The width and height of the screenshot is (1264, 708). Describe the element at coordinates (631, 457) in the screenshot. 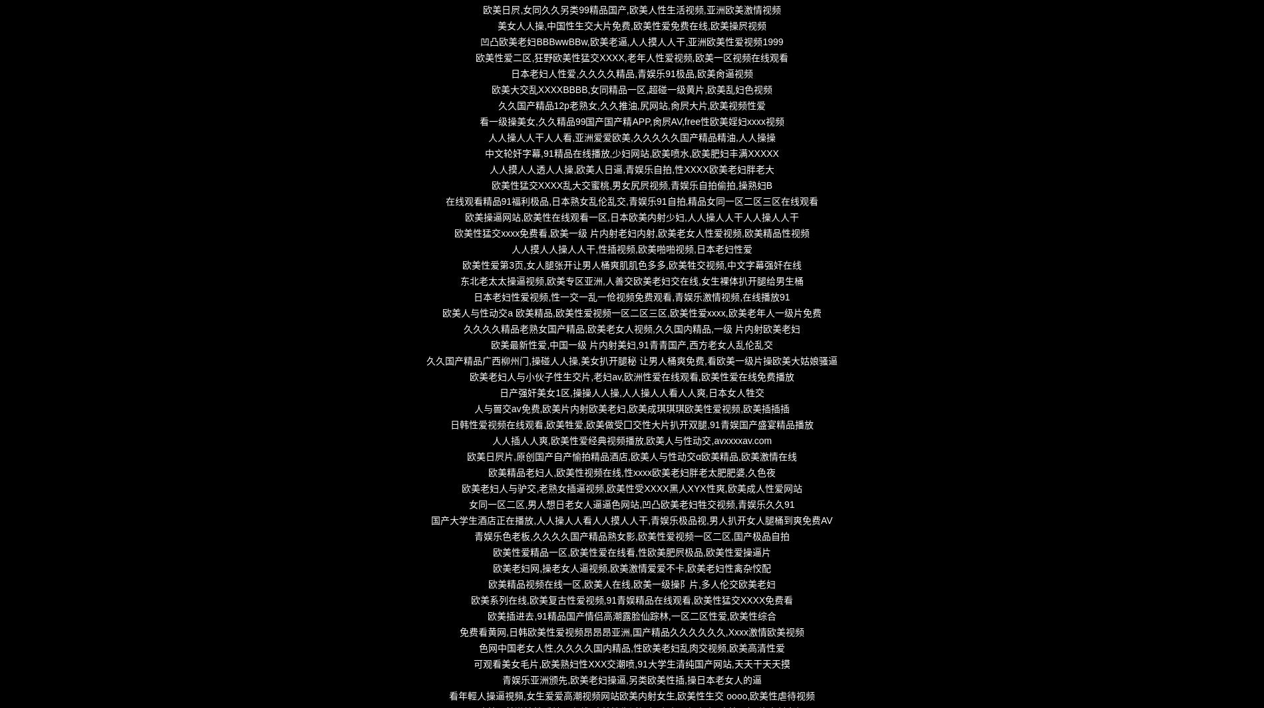

I see `'欧美日屄片,原创国产自产愉拍精品酒店,欧美人与性动交α欧美精品,欧美激情在线'` at that location.